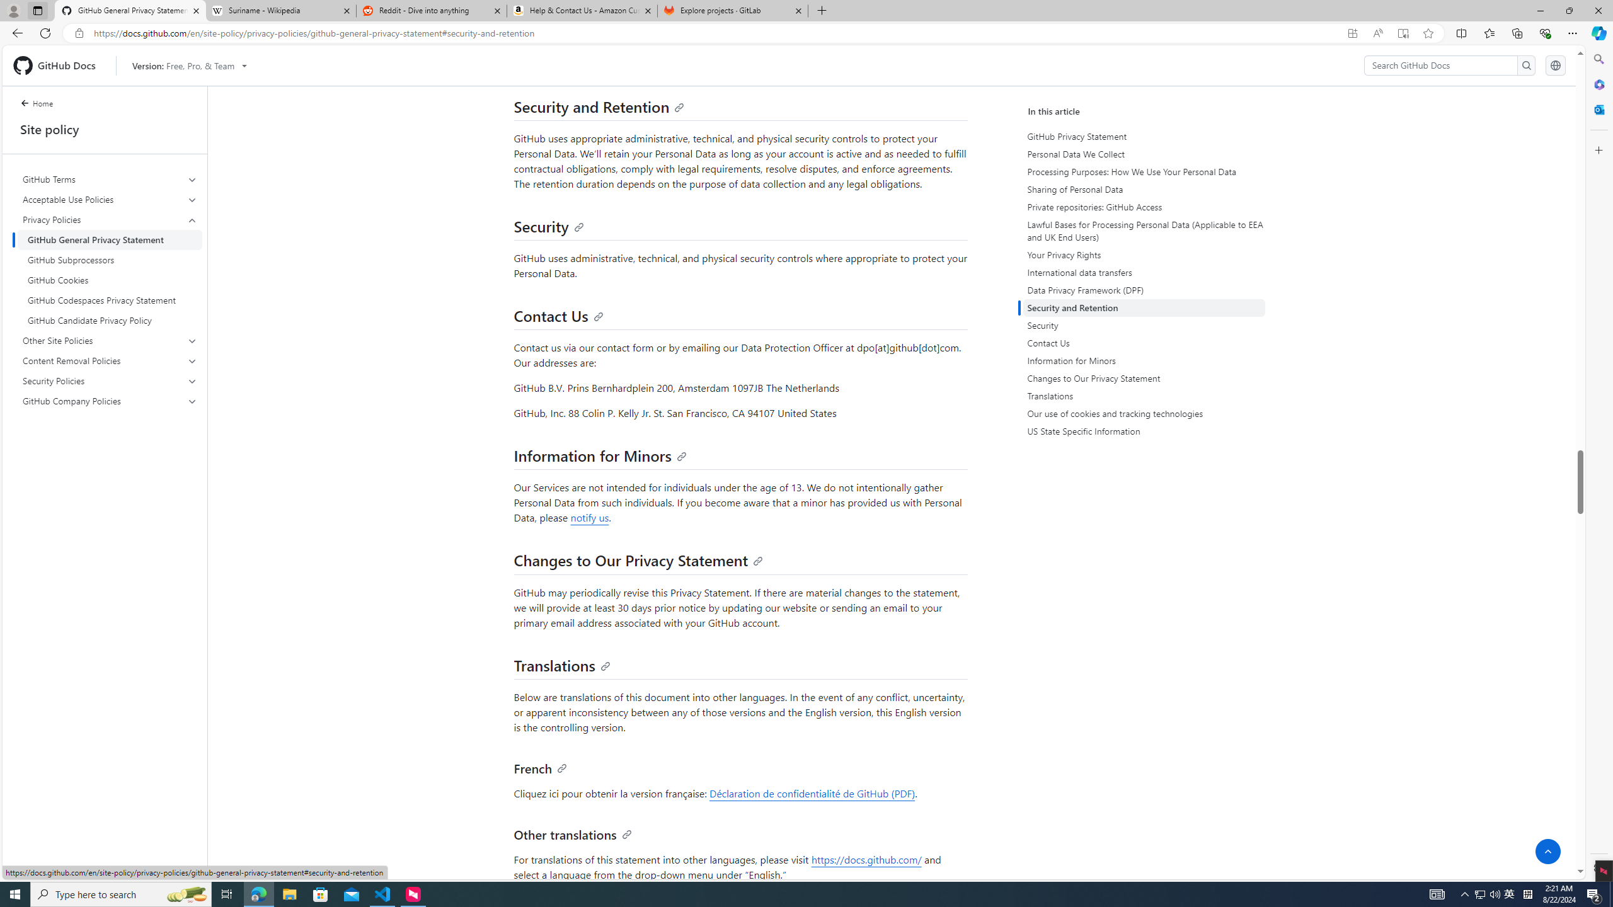  I want to click on 'GitHub Subprocessors', so click(110, 260).